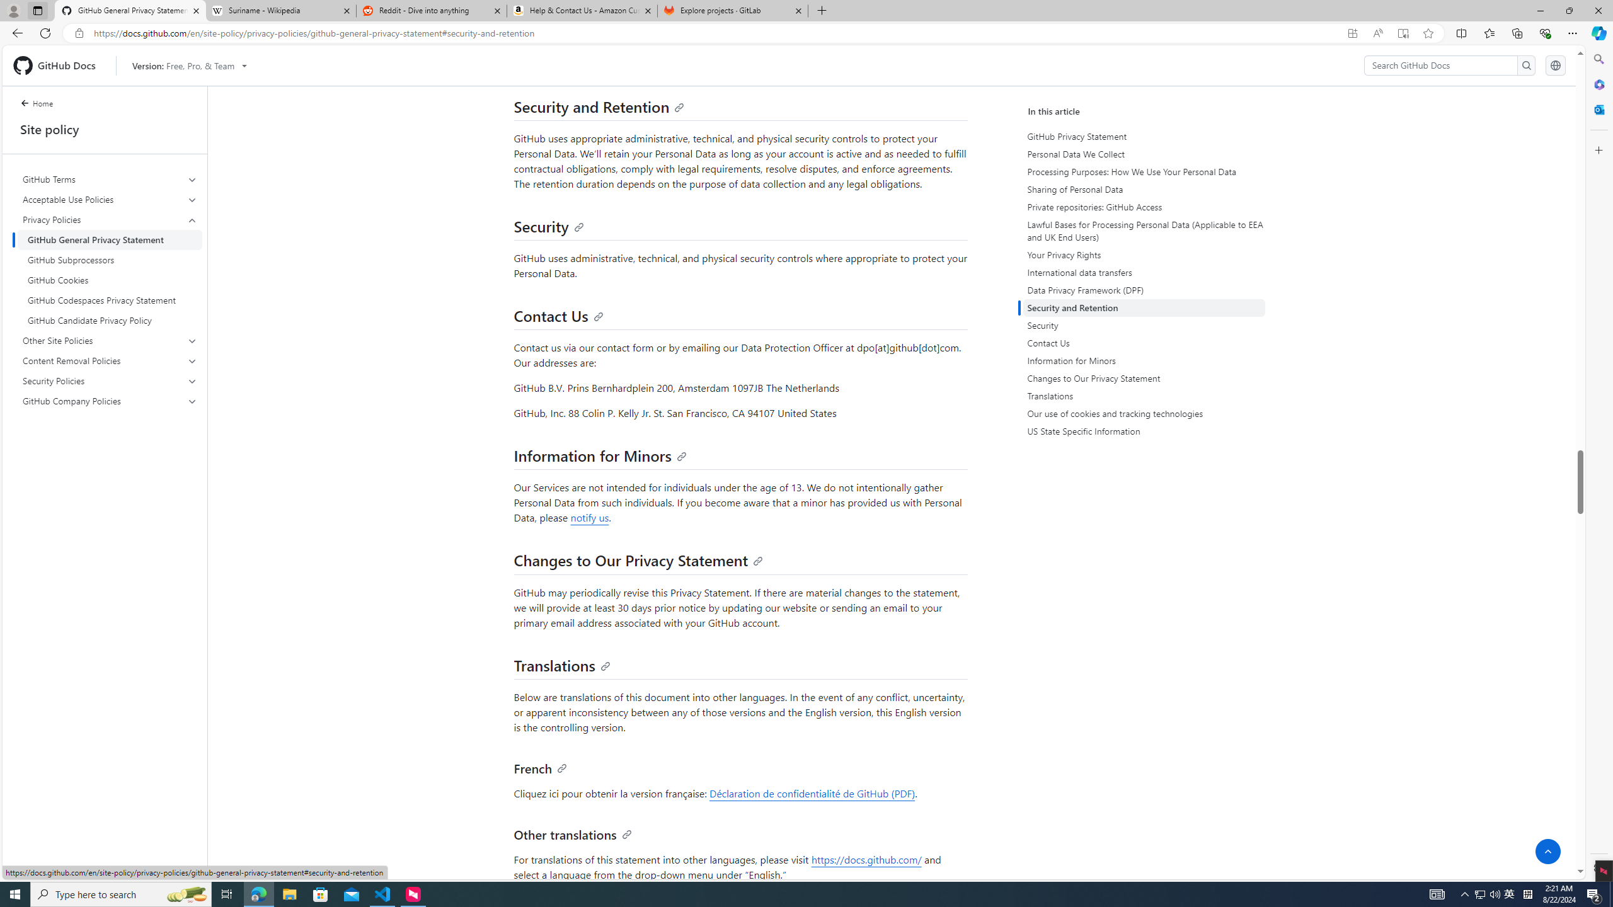  I want to click on 'GitHub Subprocessors', so click(110, 260).